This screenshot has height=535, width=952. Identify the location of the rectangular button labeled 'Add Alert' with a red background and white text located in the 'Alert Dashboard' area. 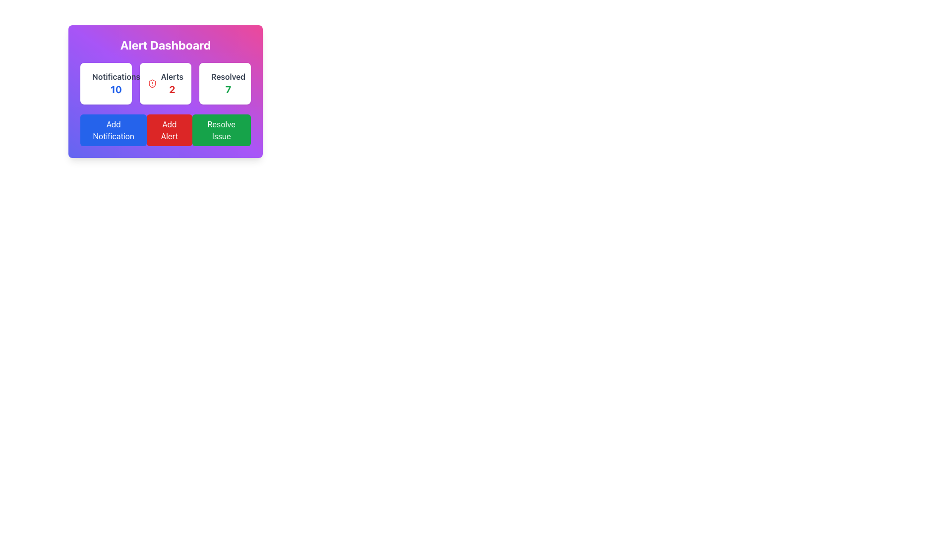
(169, 129).